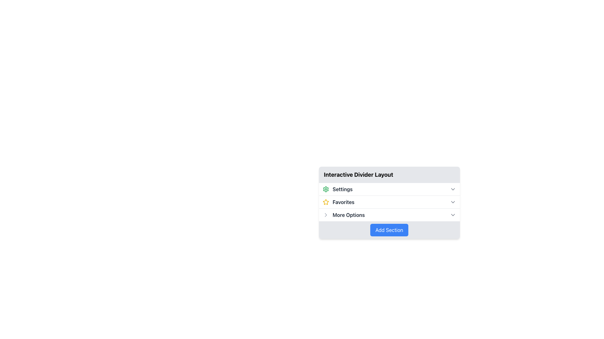 The image size is (604, 339). What do you see at coordinates (342, 189) in the screenshot?
I see `the 'Settings' menu label, which is positioned to the right of a gear-icon graphic and above the 'Favorites' and 'More Options' sections` at bounding box center [342, 189].